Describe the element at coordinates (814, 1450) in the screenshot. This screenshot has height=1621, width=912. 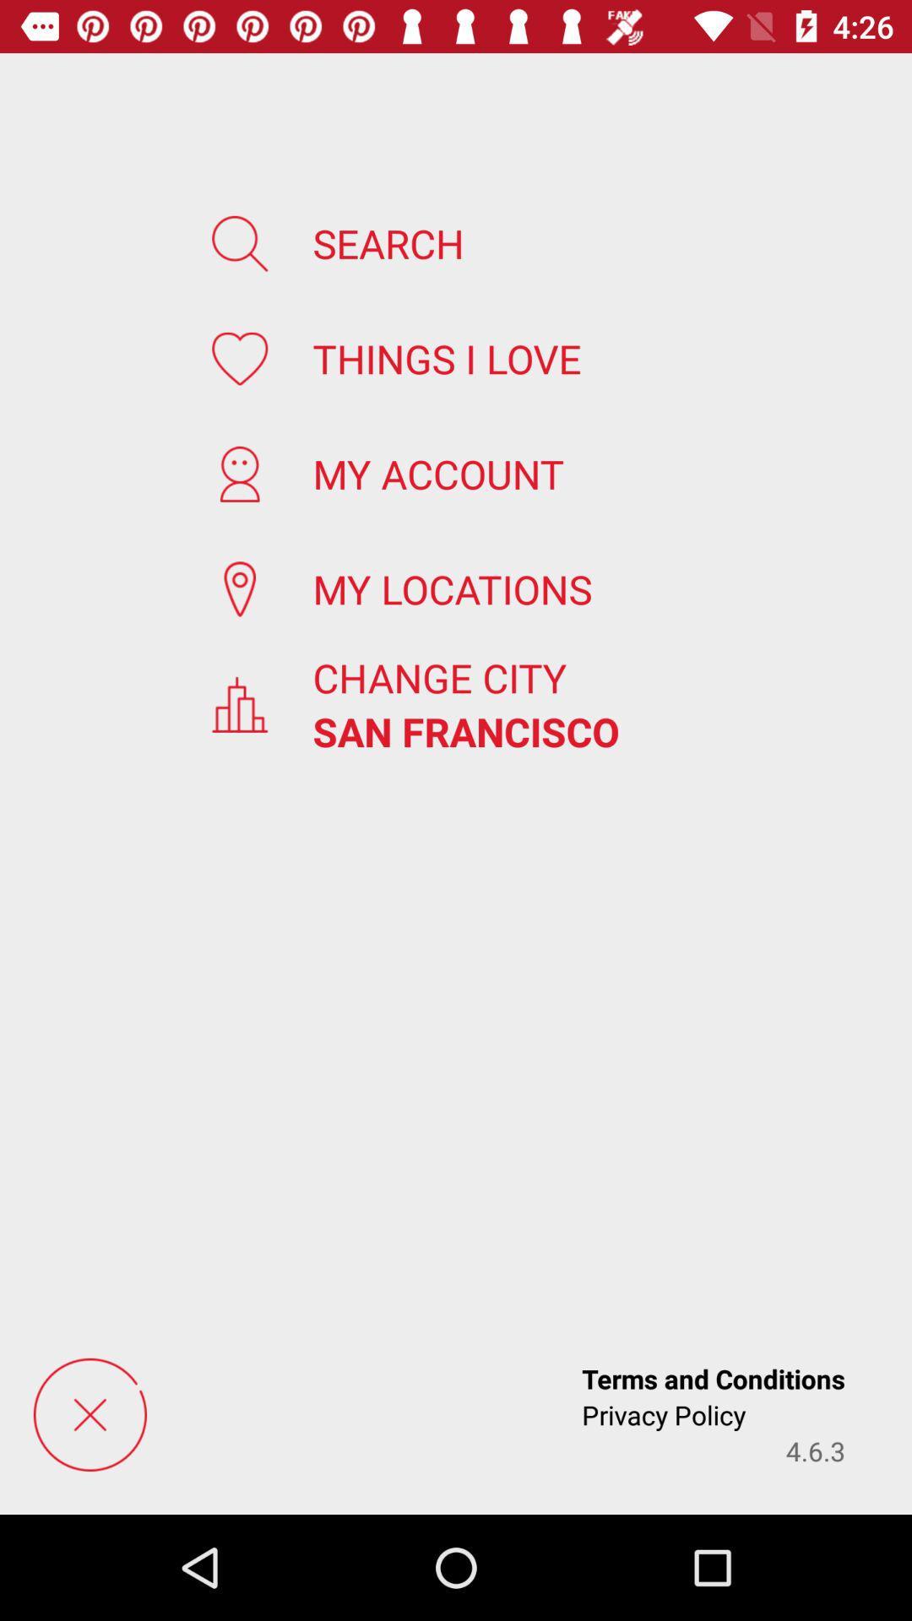
I see `item next to the privacy policy item` at that location.